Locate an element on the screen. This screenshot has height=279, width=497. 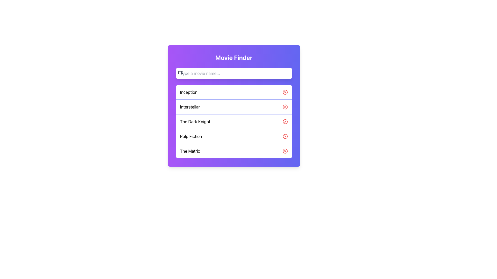
the delete button positioned to the far right of the 'Interstellar' list item is located at coordinates (285, 106).